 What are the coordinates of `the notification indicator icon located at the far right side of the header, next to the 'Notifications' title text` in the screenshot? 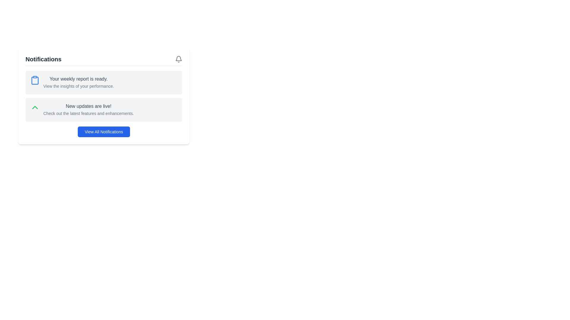 It's located at (178, 59).